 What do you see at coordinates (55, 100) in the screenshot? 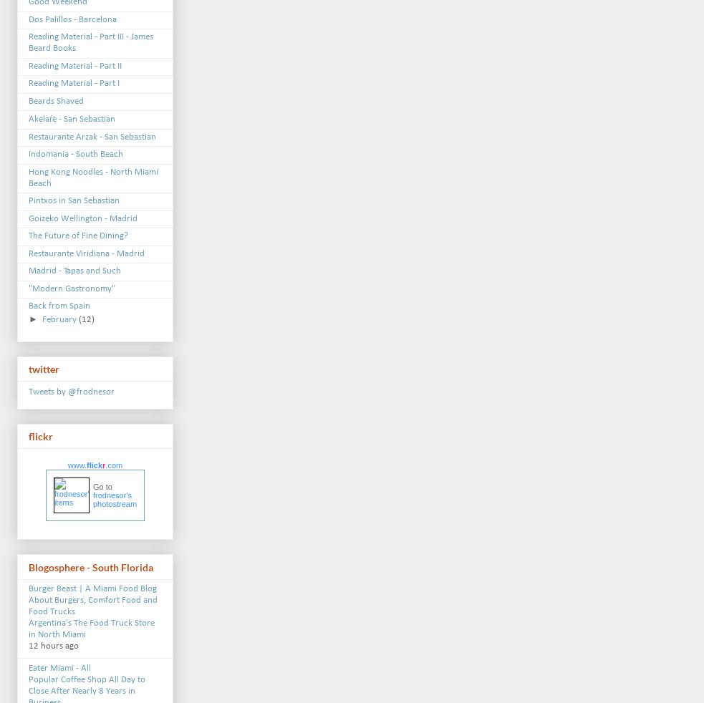
I see `'Beards Shaved'` at bounding box center [55, 100].